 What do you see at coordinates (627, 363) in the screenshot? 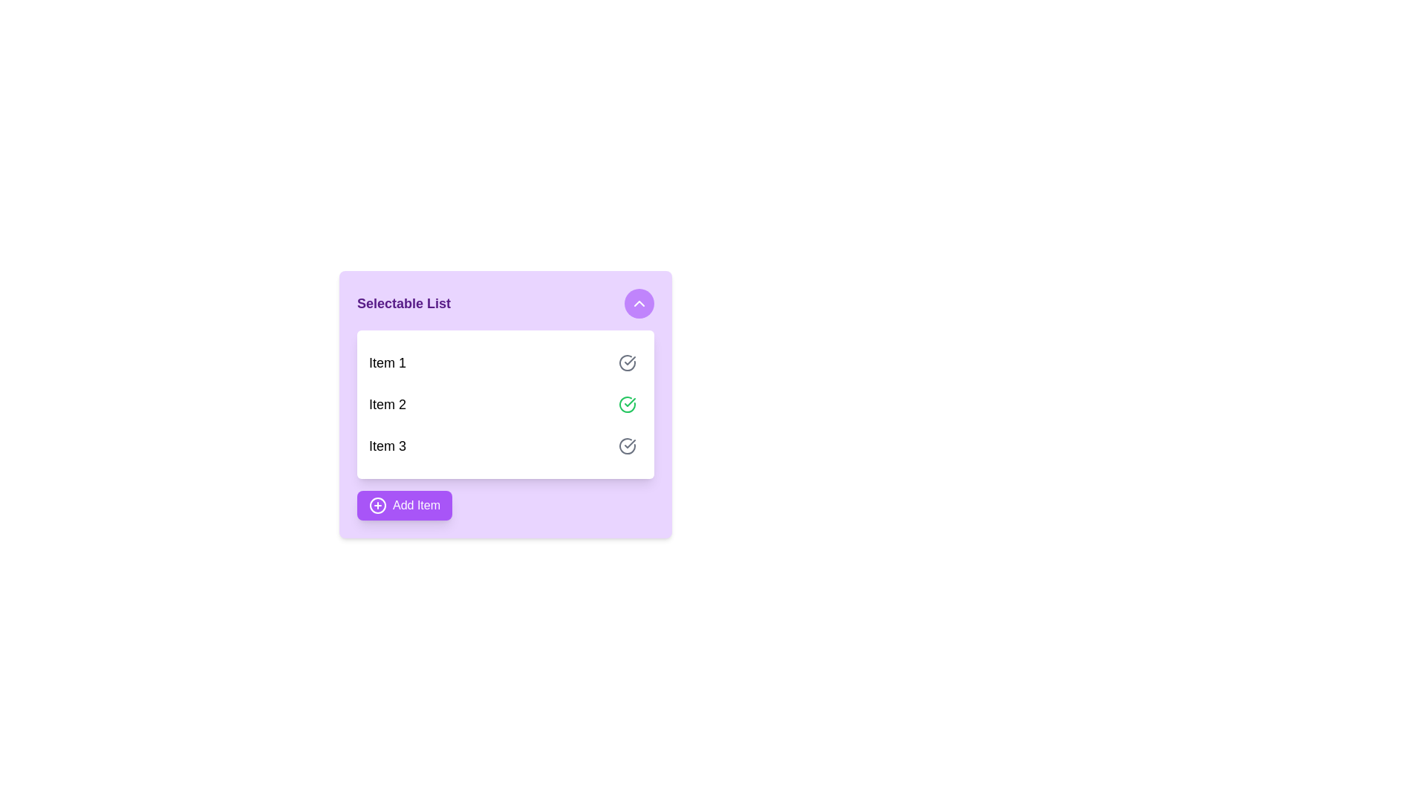
I see `the circular checkmark icon with a gray outline located beside 'Item 3' in the lower part of the list` at bounding box center [627, 363].